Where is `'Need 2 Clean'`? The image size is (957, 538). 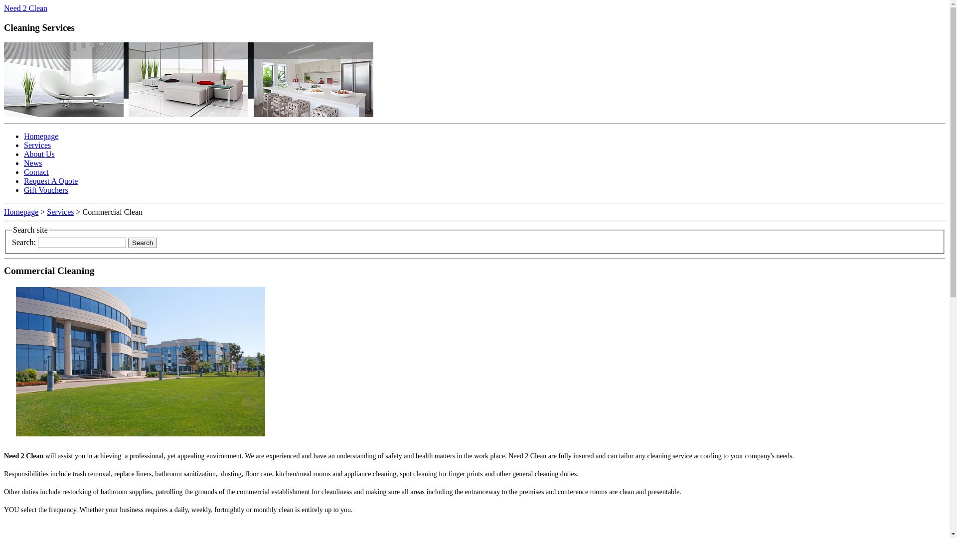
'Need 2 Clean' is located at coordinates (25, 8).